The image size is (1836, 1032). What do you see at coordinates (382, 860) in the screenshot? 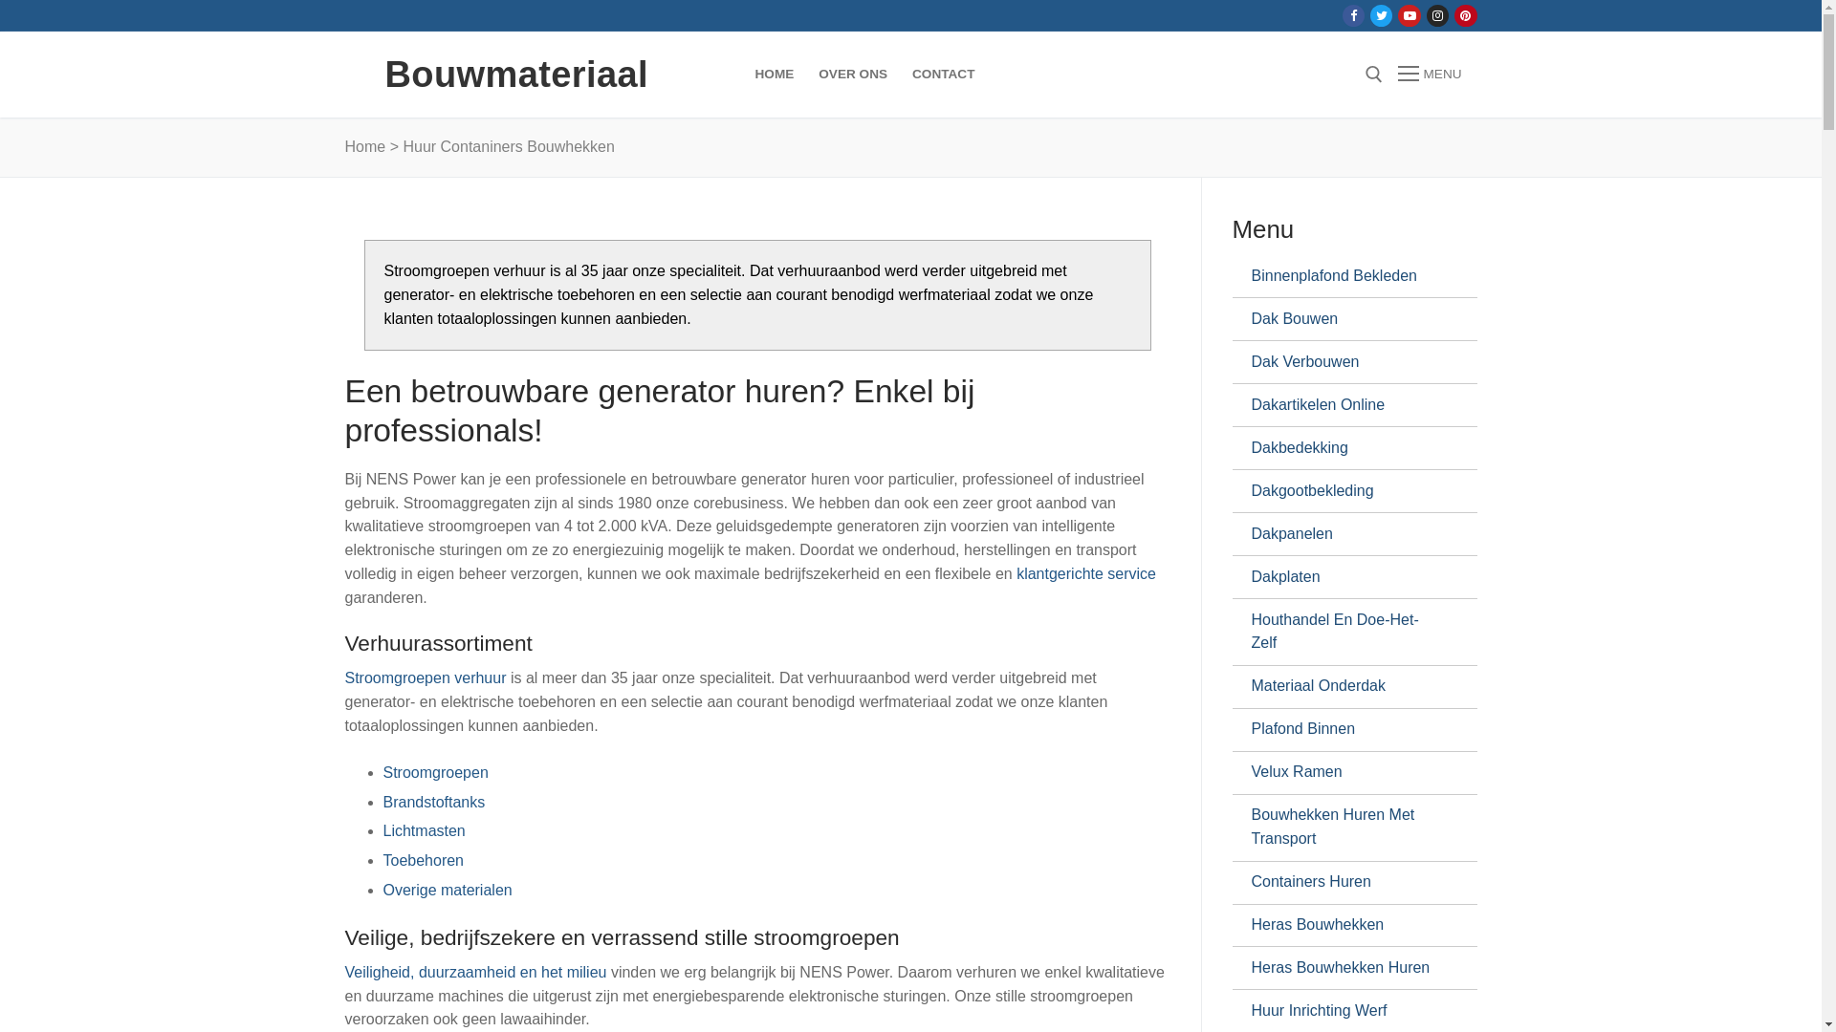
I see `'Toebehoren'` at bounding box center [382, 860].